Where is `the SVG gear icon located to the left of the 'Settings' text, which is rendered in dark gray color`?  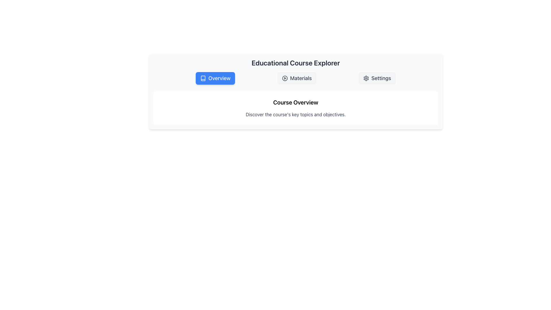 the SVG gear icon located to the left of the 'Settings' text, which is rendered in dark gray color is located at coordinates (366, 78).